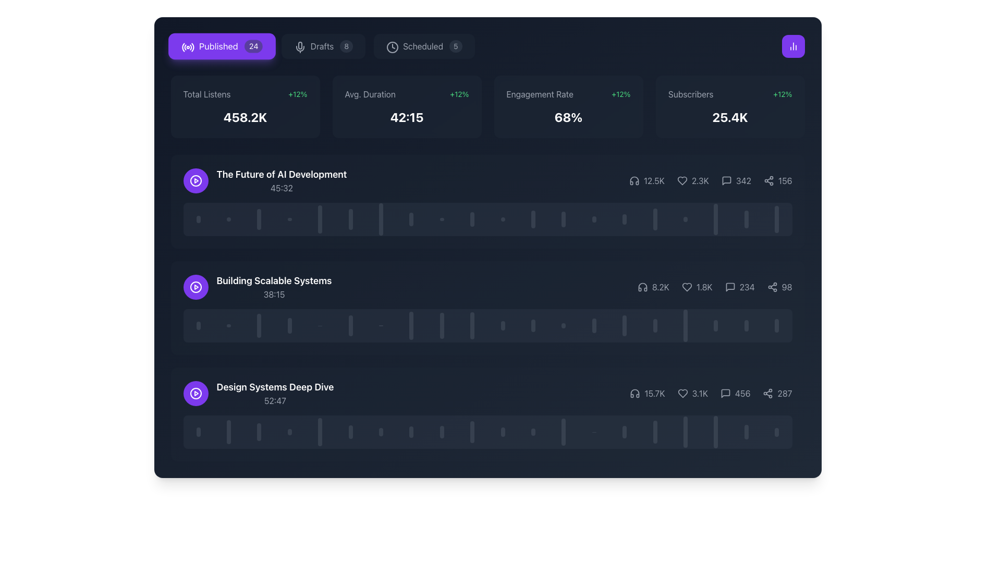  I want to click on the vertical slider, so click(654, 443).